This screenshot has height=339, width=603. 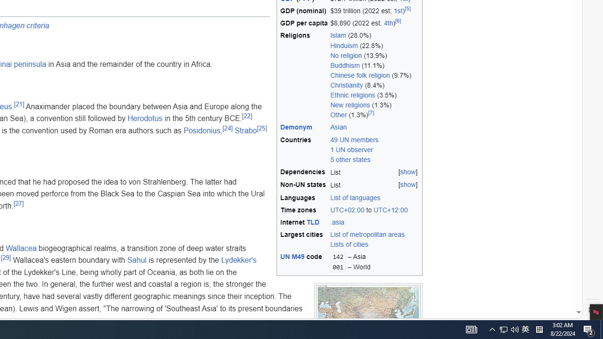 What do you see at coordinates (374, 210) in the screenshot?
I see `'UTC+02:00 to UTC+12:00'` at bounding box center [374, 210].